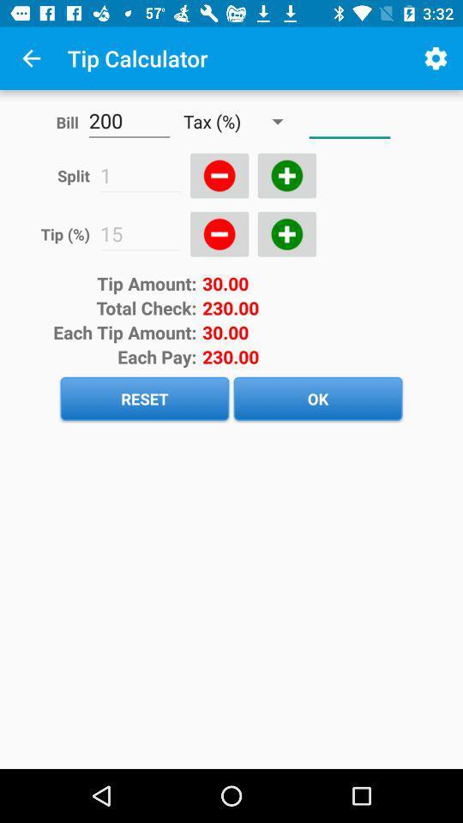 The width and height of the screenshot is (463, 823). I want to click on minues, so click(219, 176).